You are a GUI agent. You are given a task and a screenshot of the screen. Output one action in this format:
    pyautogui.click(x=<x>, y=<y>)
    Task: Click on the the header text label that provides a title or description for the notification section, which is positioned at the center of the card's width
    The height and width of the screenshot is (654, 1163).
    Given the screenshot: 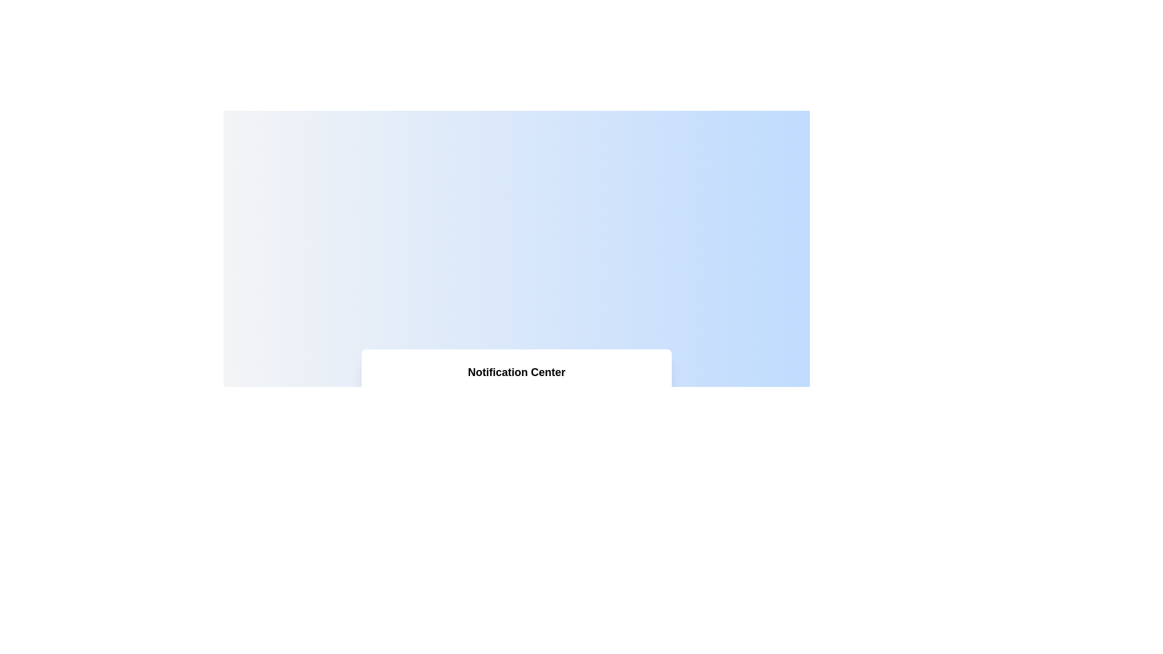 What is the action you would take?
    pyautogui.click(x=517, y=371)
    